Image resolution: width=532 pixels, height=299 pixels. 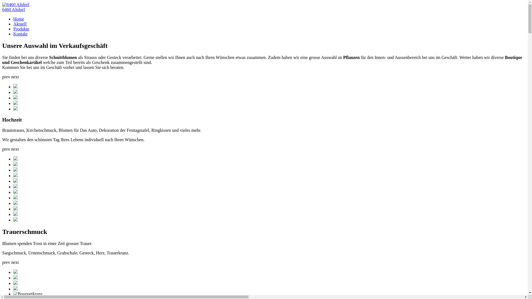 What do you see at coordinates (21, 29) in the screenshot?
I see `'Produkte'` at bounding box center [21, 29].